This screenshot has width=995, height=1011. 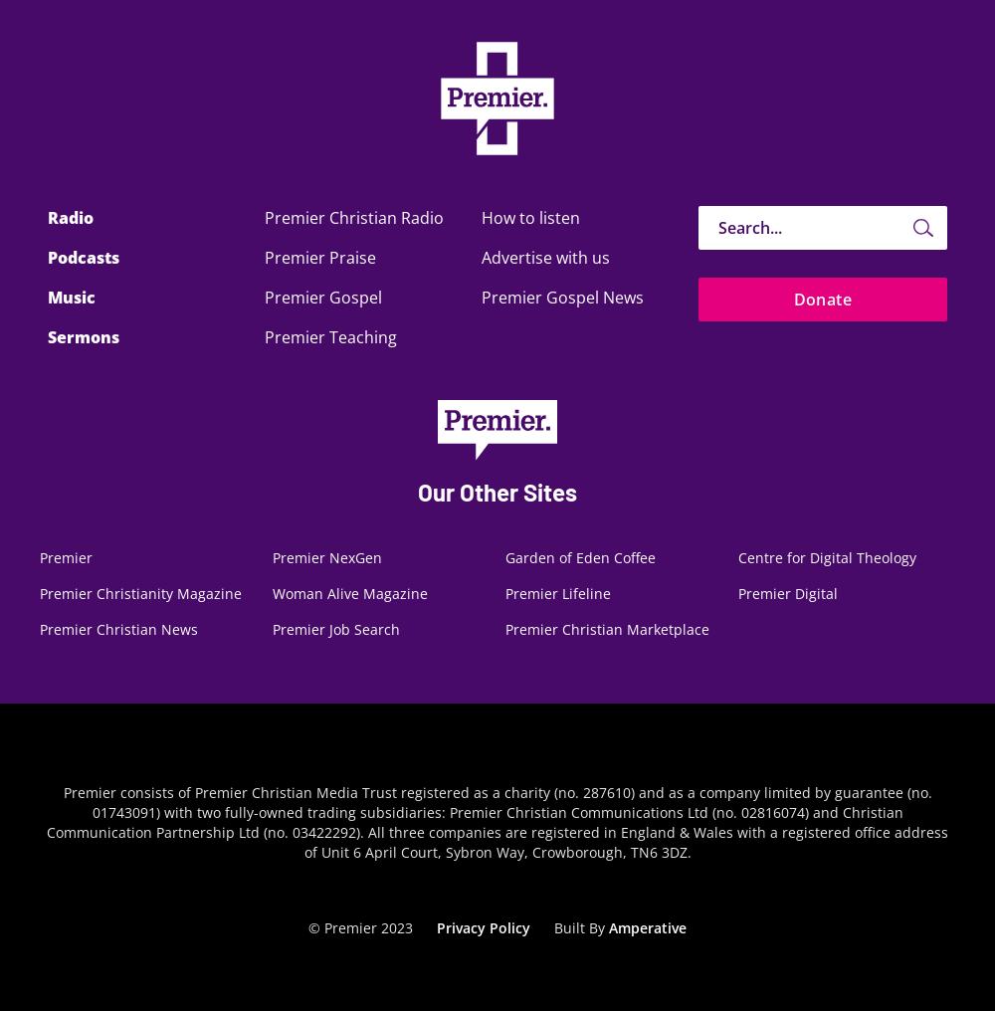 I want to click on 'Premier Praise', so click(x=318, y=256).